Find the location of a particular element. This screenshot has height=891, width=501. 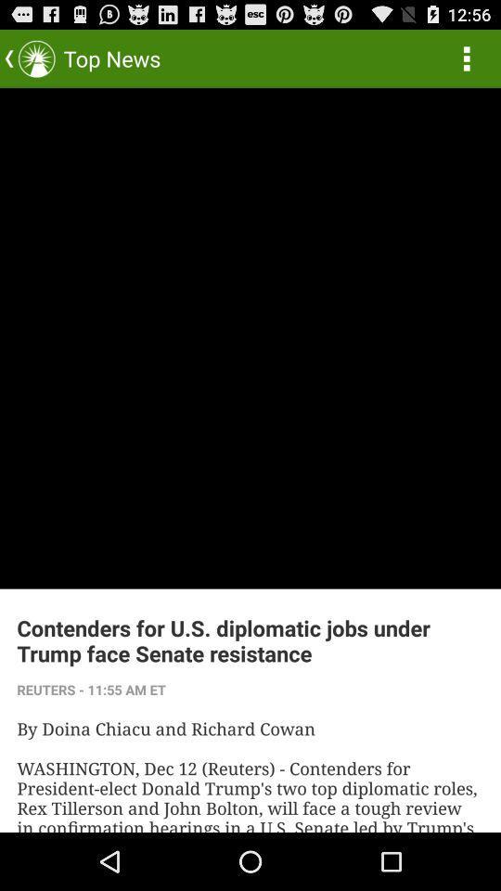

the item at the top right corner is located at coordinates (466, 58).